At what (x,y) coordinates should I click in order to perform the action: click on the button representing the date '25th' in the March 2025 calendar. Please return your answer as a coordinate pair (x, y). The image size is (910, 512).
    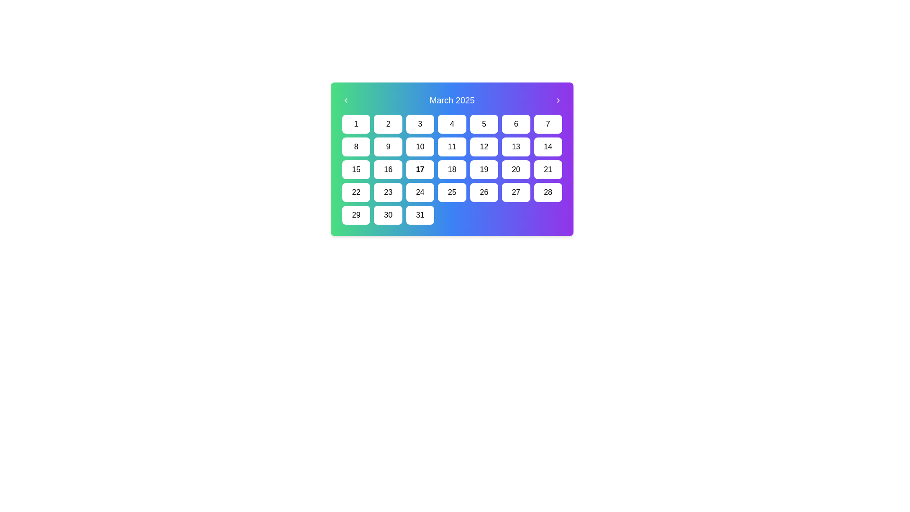
    Looking at the image, I should click on (452, 192).